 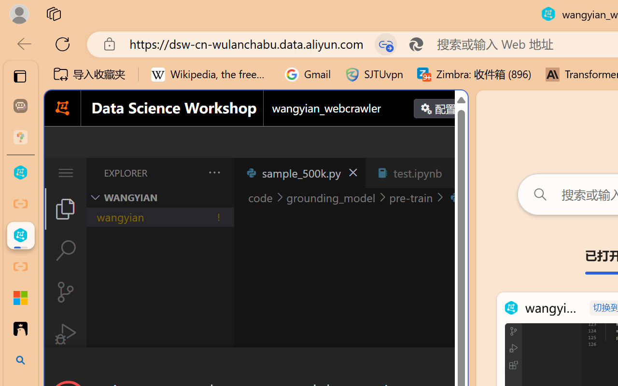 I want to click on 'SJTUvpn', so click(x=373, y=74).